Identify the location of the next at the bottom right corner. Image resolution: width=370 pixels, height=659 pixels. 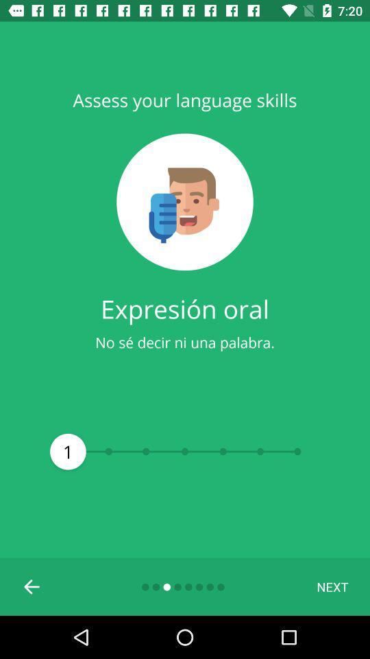
(332, 586).